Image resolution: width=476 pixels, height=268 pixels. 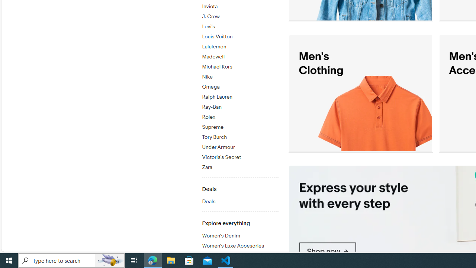 I want to click on 'Ralph Lauren', so click(x=240, y=97).